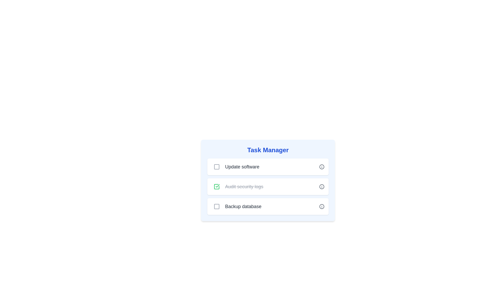 This screenshot has width=502, height=282. I want to click on the checkbox boundary shape for 'Audit security logs' in the Task Manager, which is styled with a green stroke and has rounded corners, so click(217, 186).